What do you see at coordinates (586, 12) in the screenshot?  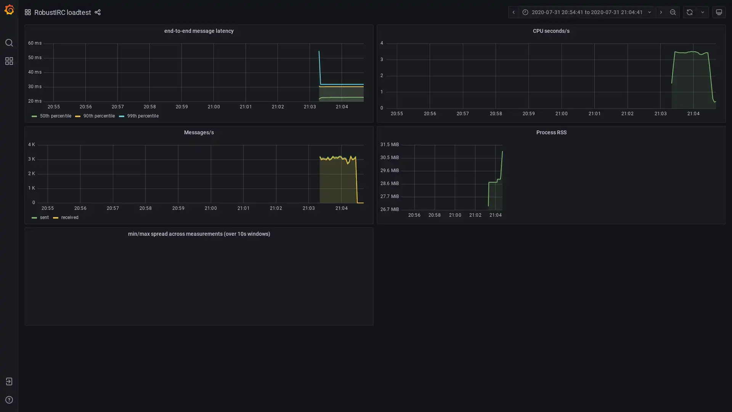 I see `Time range picker with current time range 2020-07-31 20:54:41 to 2020-07-31 21:04:41 selected` at bounding box center [586, 12].